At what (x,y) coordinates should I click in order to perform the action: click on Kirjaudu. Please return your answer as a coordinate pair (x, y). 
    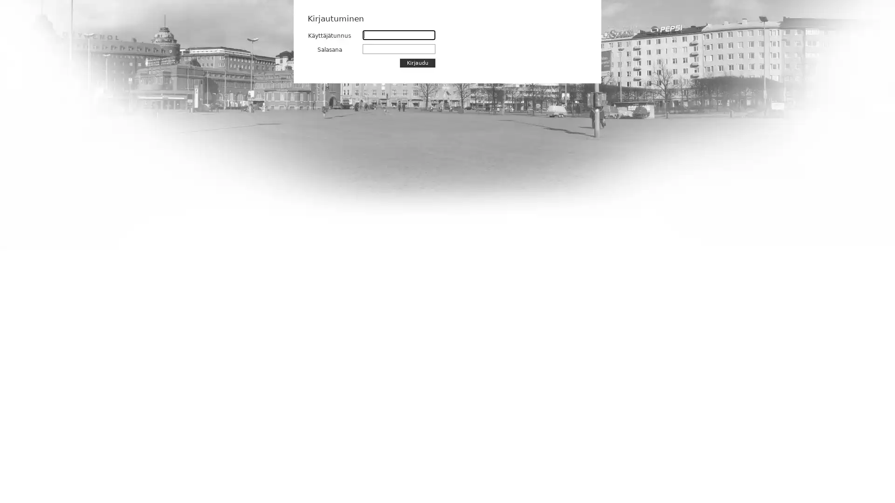
    Looking at the image, I should click on (417, 63).